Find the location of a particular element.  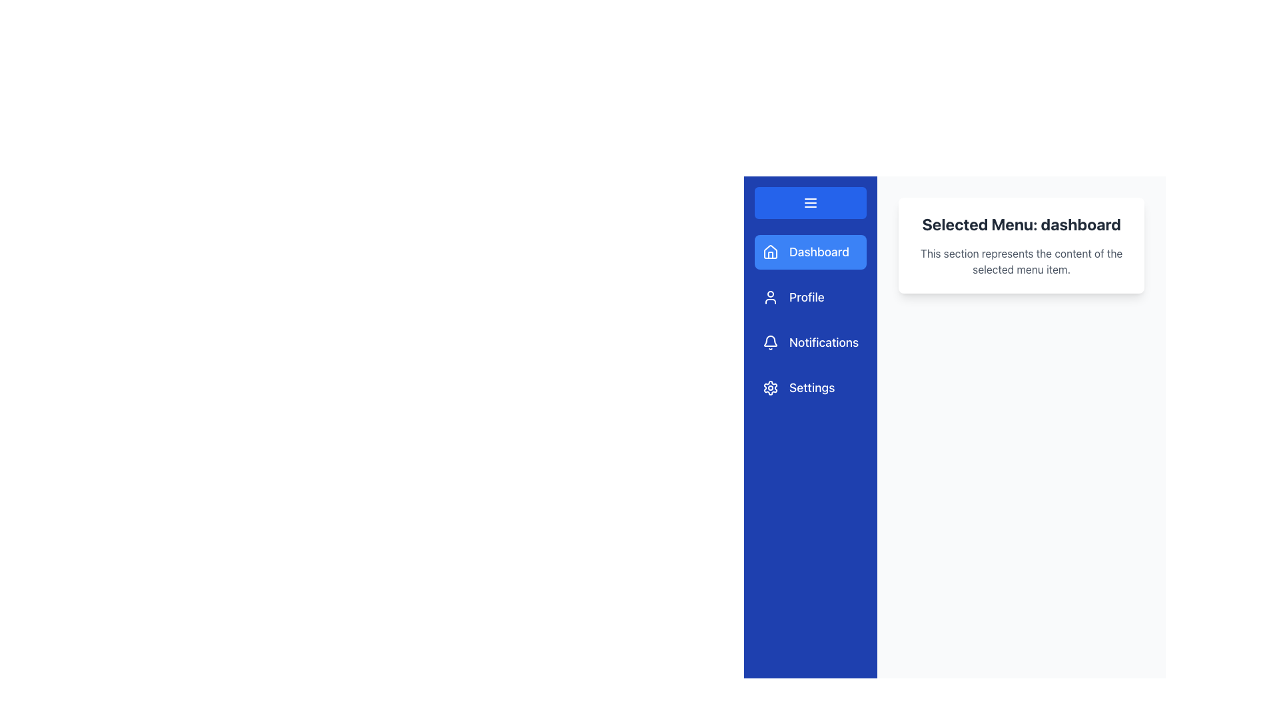

the fourth navigation menu item that likely redirects to the settings page is located at coordinates (810, 387).